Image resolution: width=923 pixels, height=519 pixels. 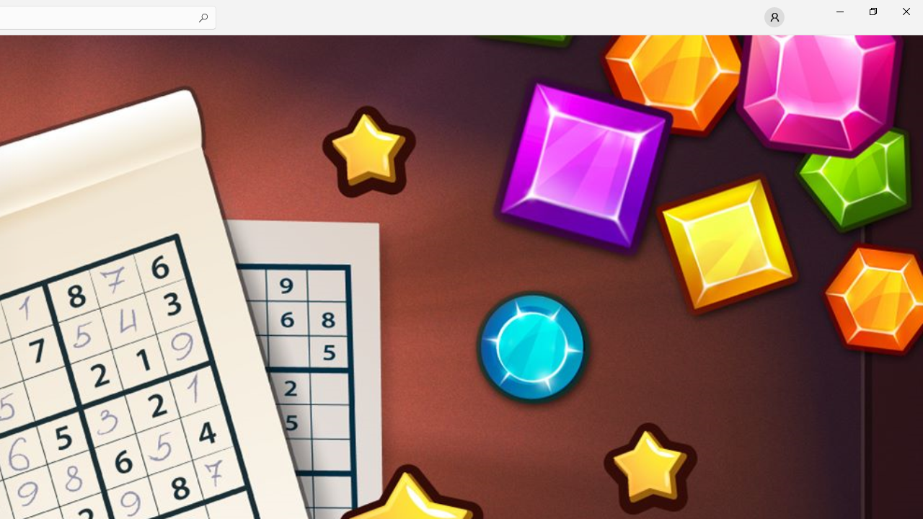 I want to click on 'Restore Microsoft Store', so click(x=872, y=11).